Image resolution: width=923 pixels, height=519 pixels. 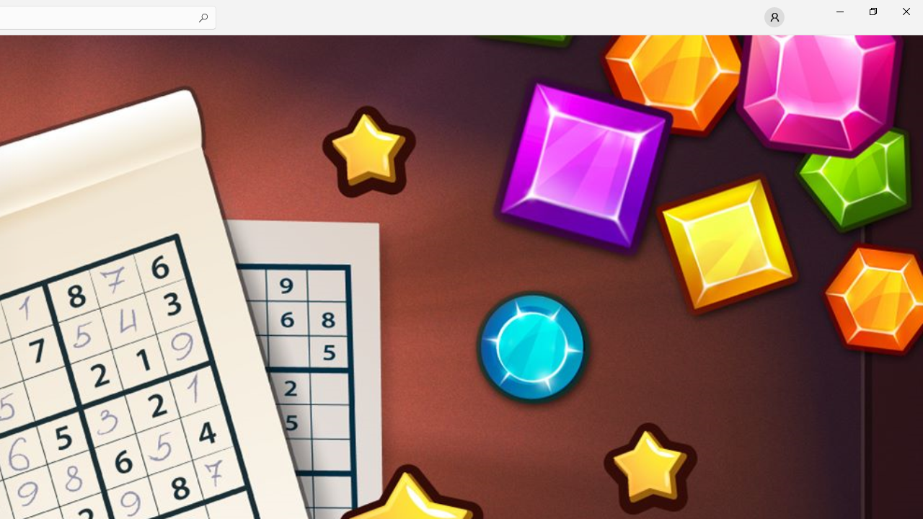 I want to click on 'Restore Microsoft Store', so click(x=872, y=11).